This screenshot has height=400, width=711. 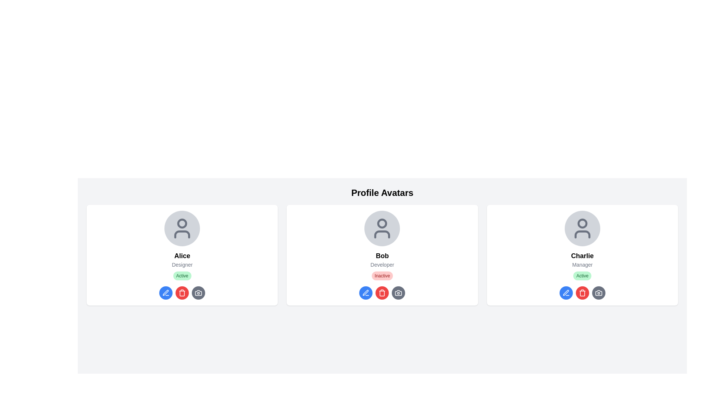 I want to click on text from the header element labeled 'Profile Avatars', which is styled in bold and located above the user profile cards, so click(x=382, y=192).